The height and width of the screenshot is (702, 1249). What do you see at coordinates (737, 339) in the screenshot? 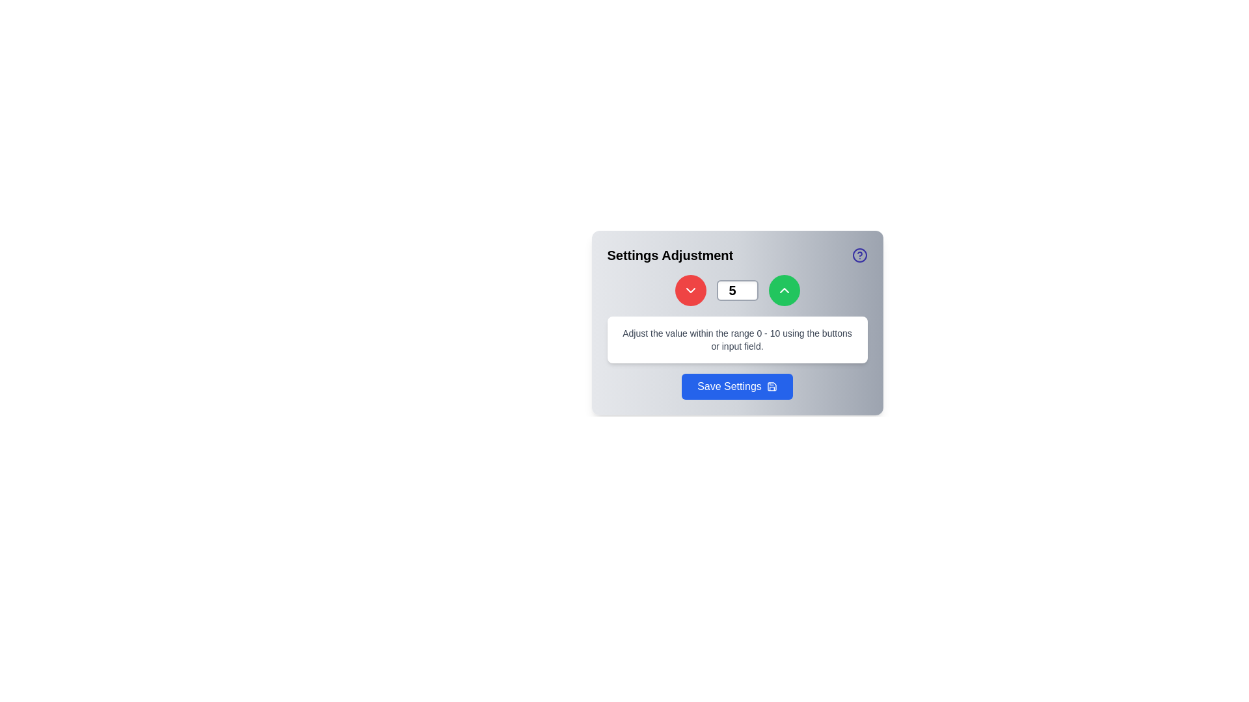
I see `the text block that reads, 'Adjust the value within the range 0 - 10 using the buttons or input field.' which is centered below the interactive components and above the 'Save Settings' button` at bounding box center [737, 339].